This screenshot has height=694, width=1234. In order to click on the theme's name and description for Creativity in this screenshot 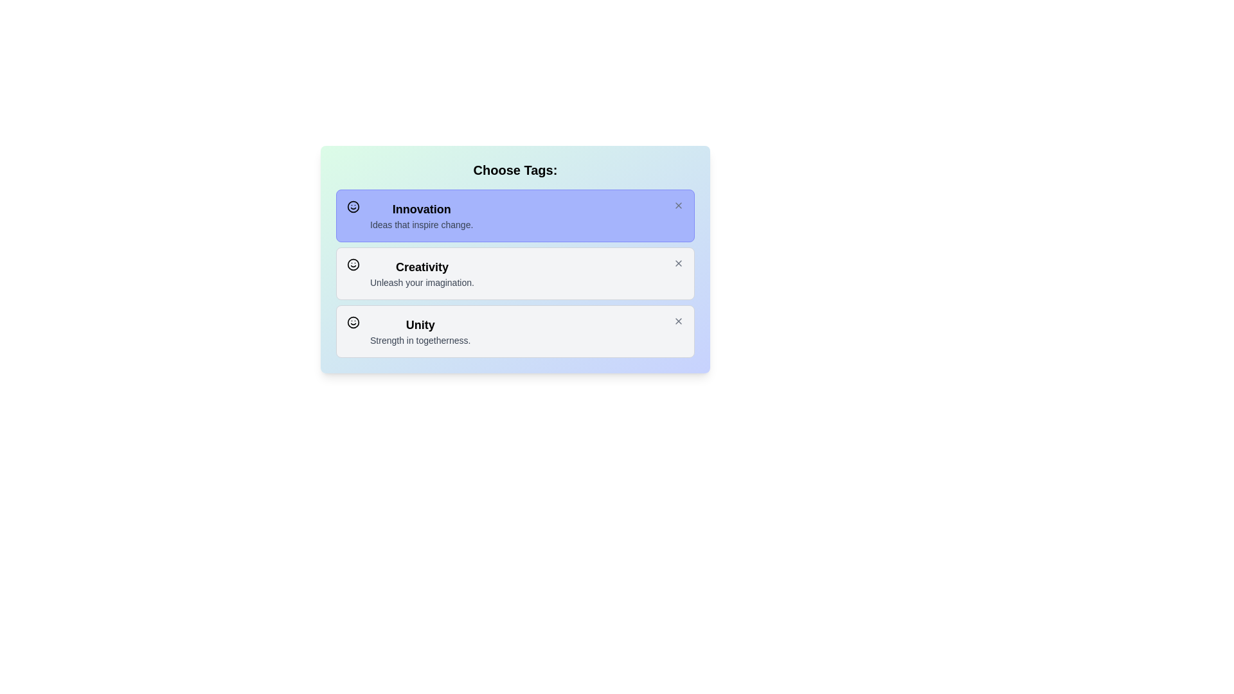, I will do `click(417, 272)`.